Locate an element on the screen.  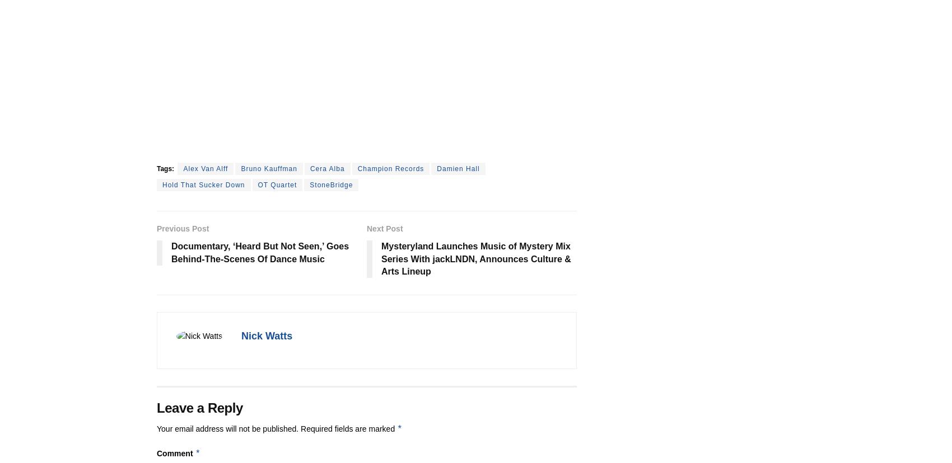
'Nick Watts' is located at coordinates (267, 335).